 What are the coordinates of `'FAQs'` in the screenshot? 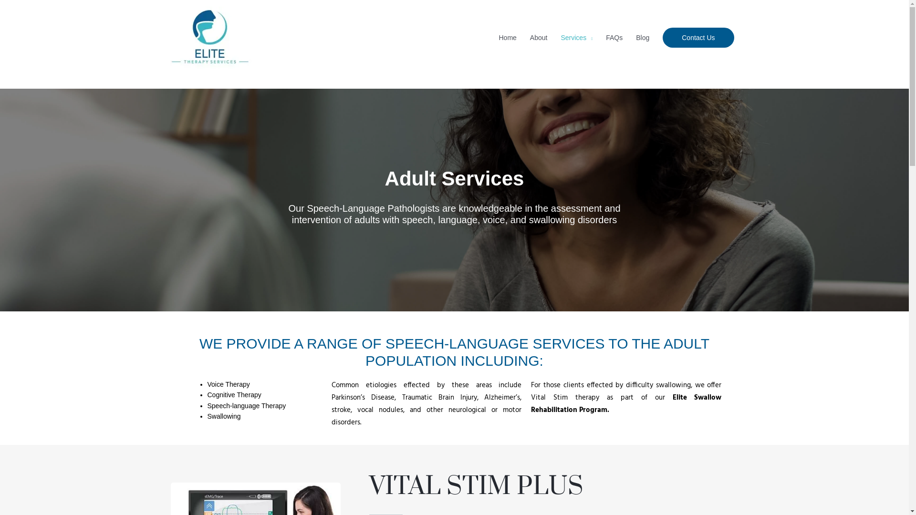 It's located at (614, 37).